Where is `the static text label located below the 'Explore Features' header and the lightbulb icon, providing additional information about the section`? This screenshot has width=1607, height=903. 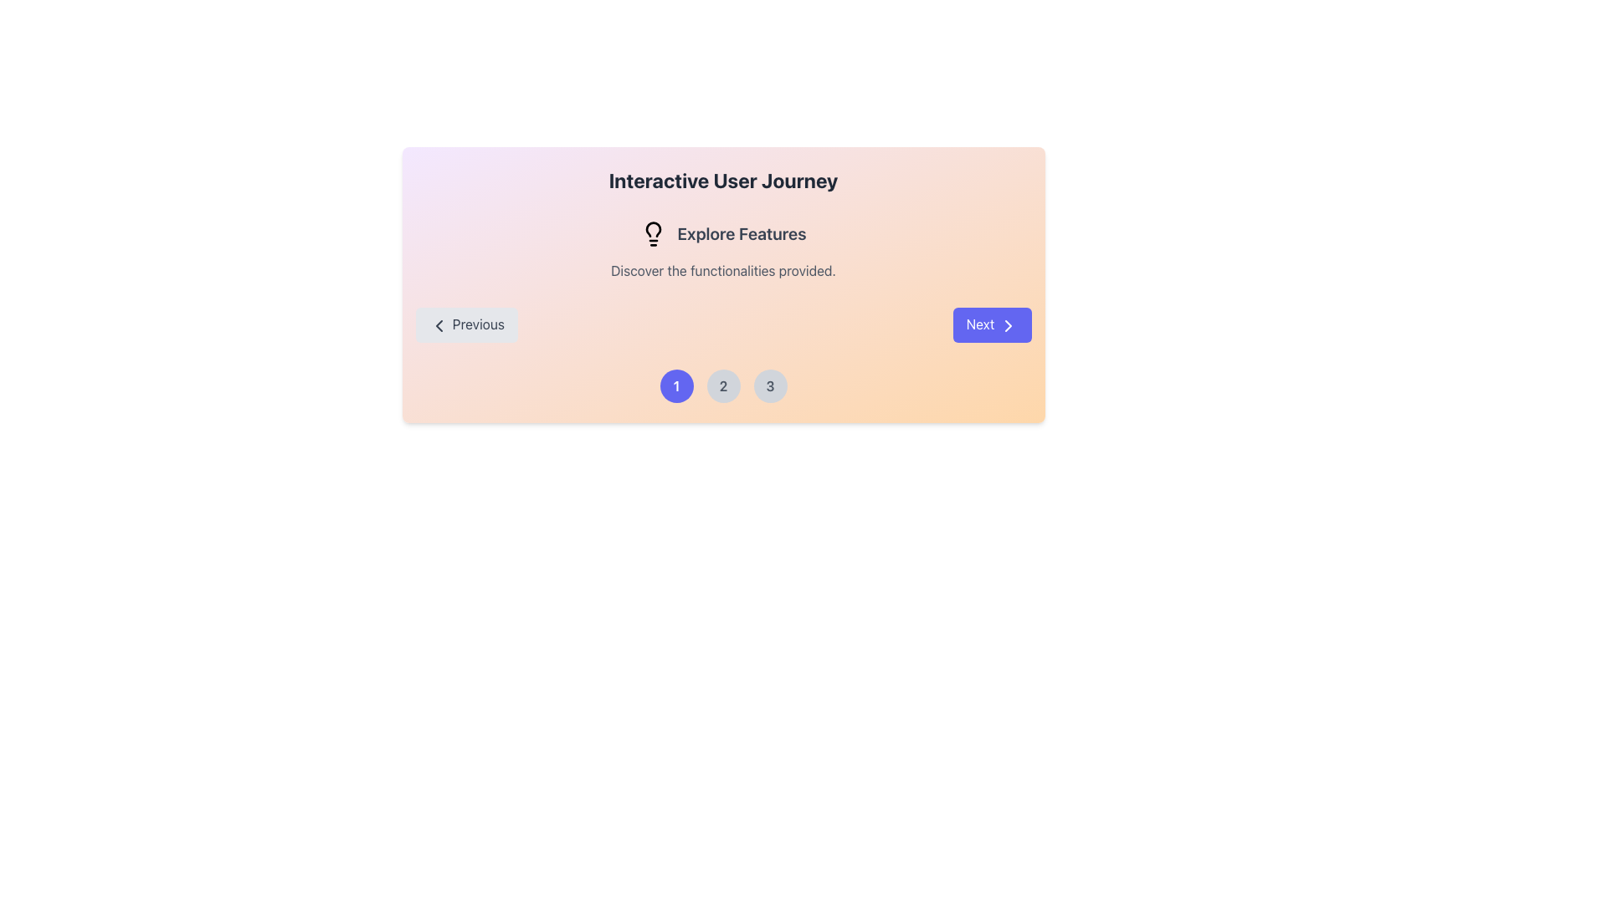 the static text label located below the 'Explore Features' header and the lightbulb icon, providing additional information about the section is located at coordinates (723, 270).